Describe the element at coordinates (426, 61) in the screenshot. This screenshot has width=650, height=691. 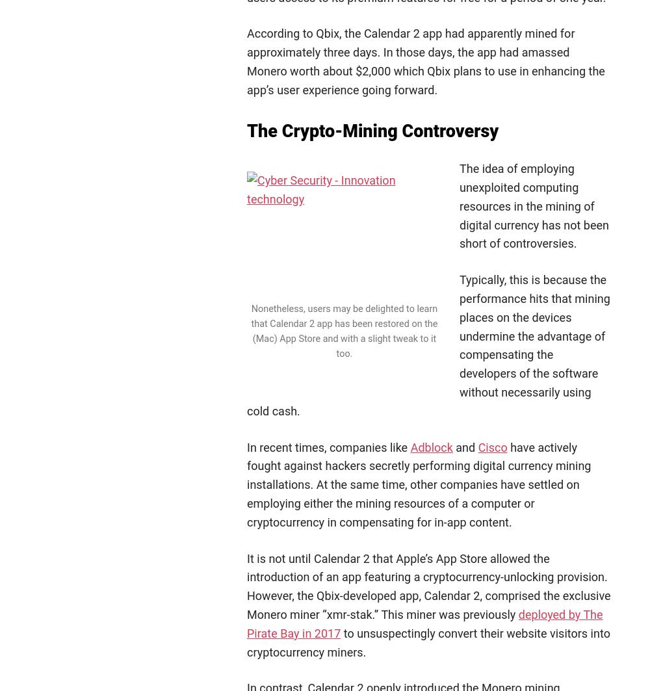
I see `'According to Qbix, the Calendar 2 app had apparently mined for approximately three days. In those days, the app had amassed Monero worth about $2,000 which Qbix plans to use in enhancing the app’s user experience going forward.'` at that location.